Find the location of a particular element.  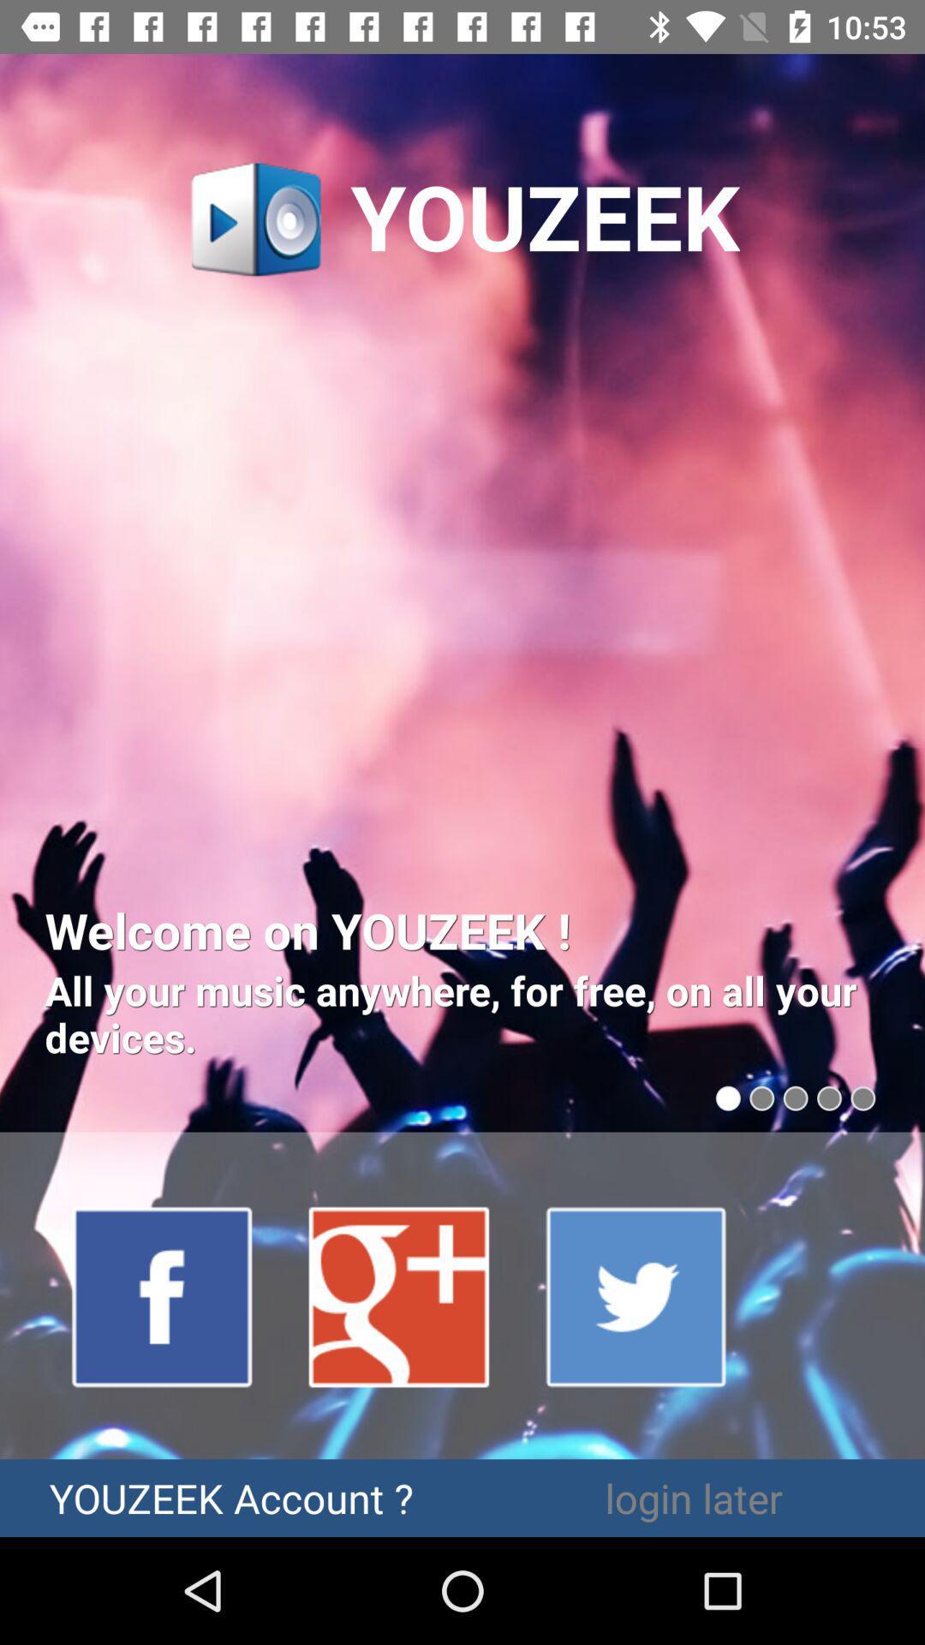

item to the right of youzeek account ? item is located at coordinates (694, 1497).